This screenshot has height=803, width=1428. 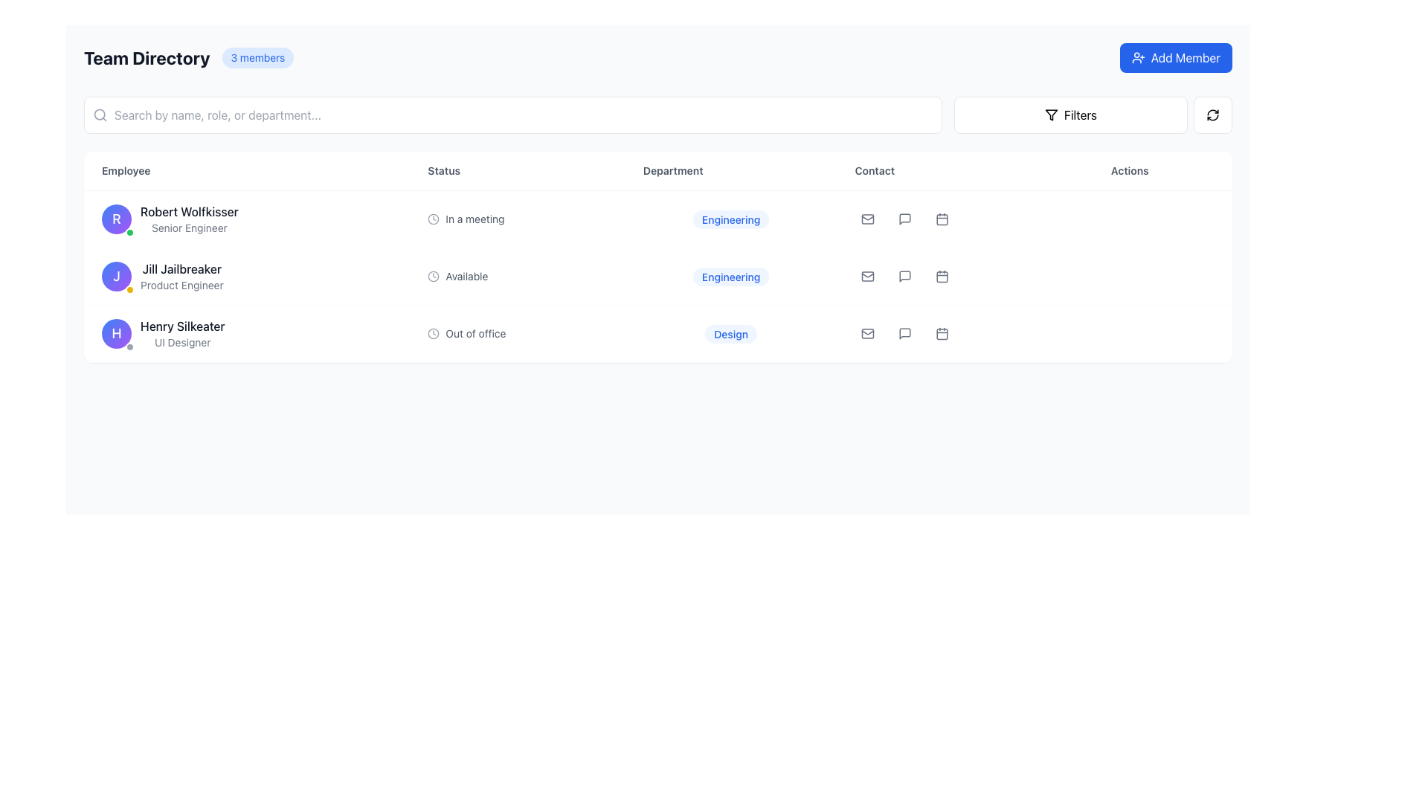 I want to click on the Ellipsis button in the 'Actions' column for user 'Jill Jailbreaker', so click(x=1162, y=276).